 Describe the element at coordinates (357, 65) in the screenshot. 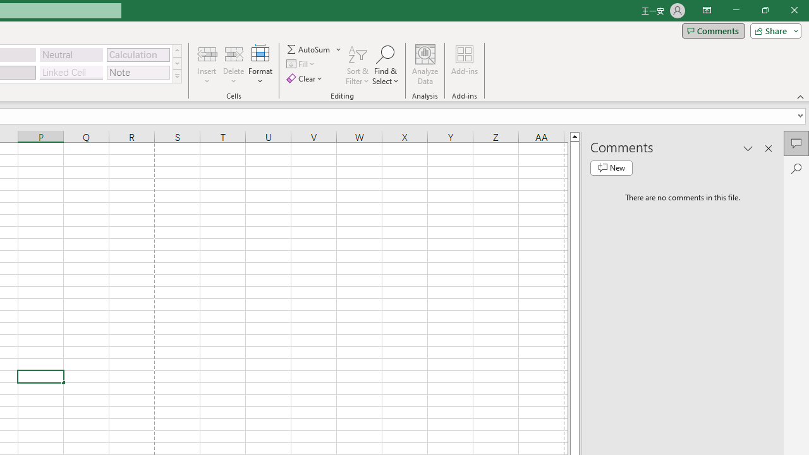

I see `'Sort & Filter'` at that location.